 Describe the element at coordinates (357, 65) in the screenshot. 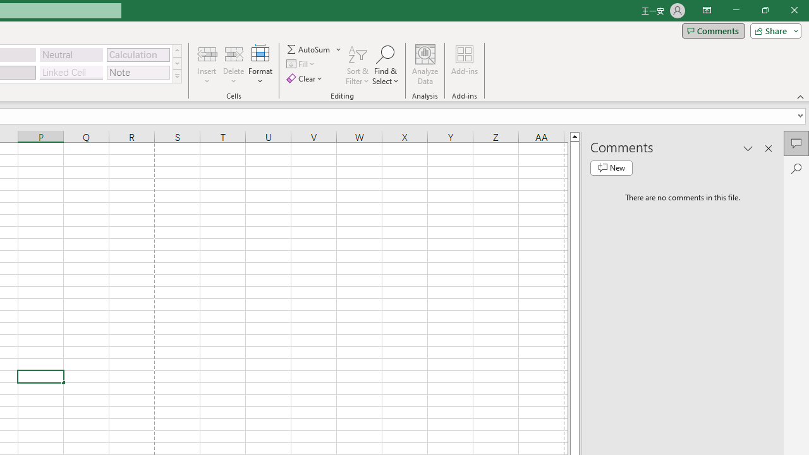

I see `'Sort & Filter'` at that location.